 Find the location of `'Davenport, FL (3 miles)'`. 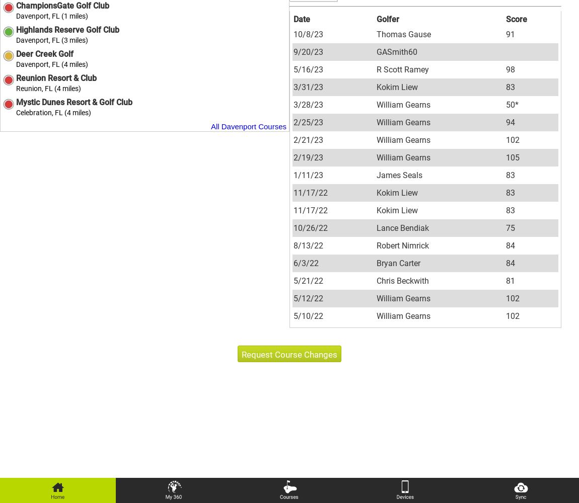

'Davenport, FL (3 miles)' is located at coordinates (51, 40).